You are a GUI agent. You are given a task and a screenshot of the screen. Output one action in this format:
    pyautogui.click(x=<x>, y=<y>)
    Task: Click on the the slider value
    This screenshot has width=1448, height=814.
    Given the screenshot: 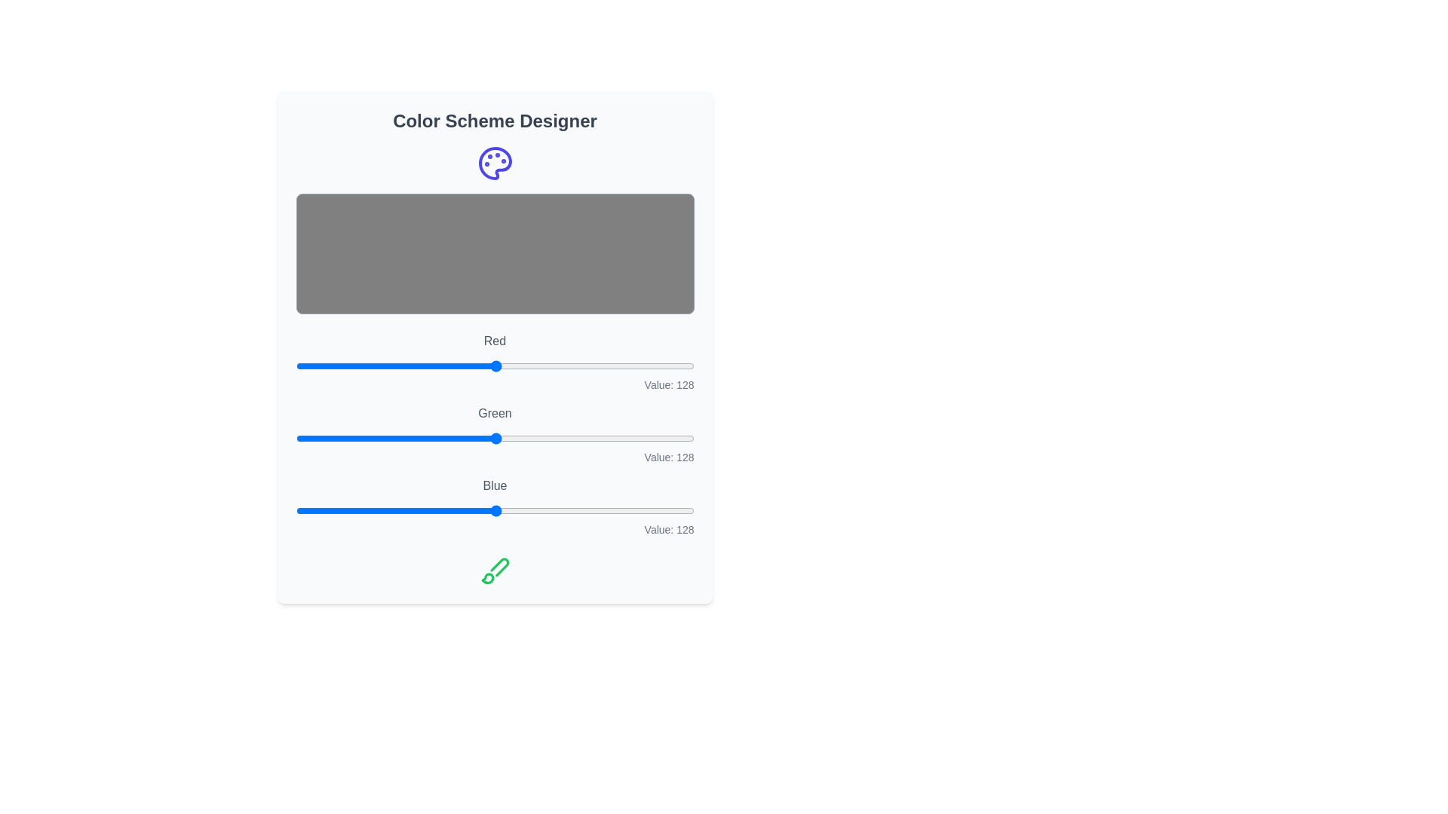 What is the action you would take?
    pyautogui.click(x=428, y=510)
    